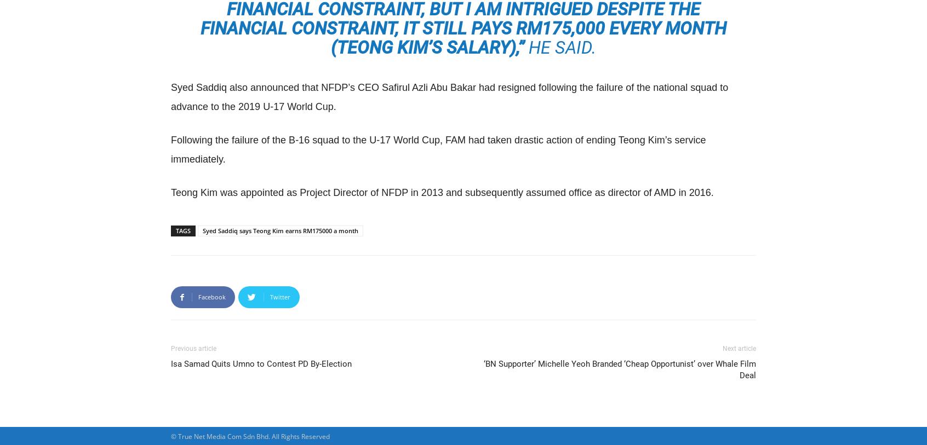 The height and width of the screenshot is (445, 927). I want to click on 'TAGS', so click(175, 230).